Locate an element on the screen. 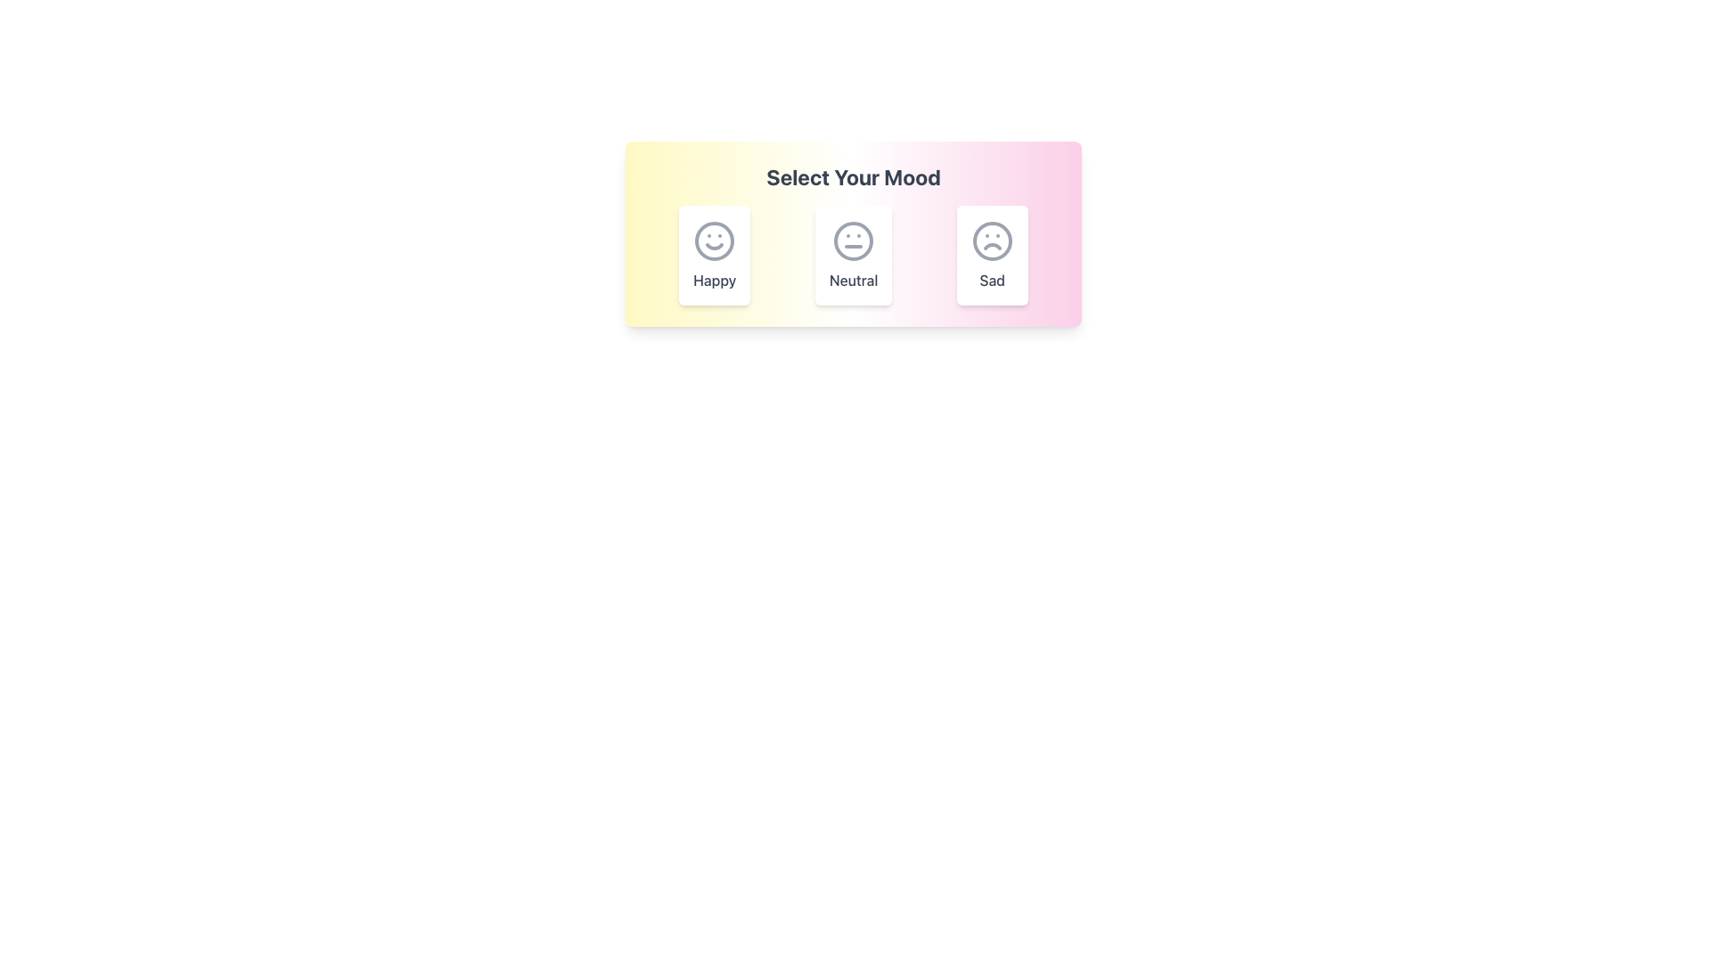 The height and width of the screenshot is (962, 1711). the 'Happy' mood icon in the mood selection interface, which is centered above the label 'Happy.' is located at coordinates (715, 240).